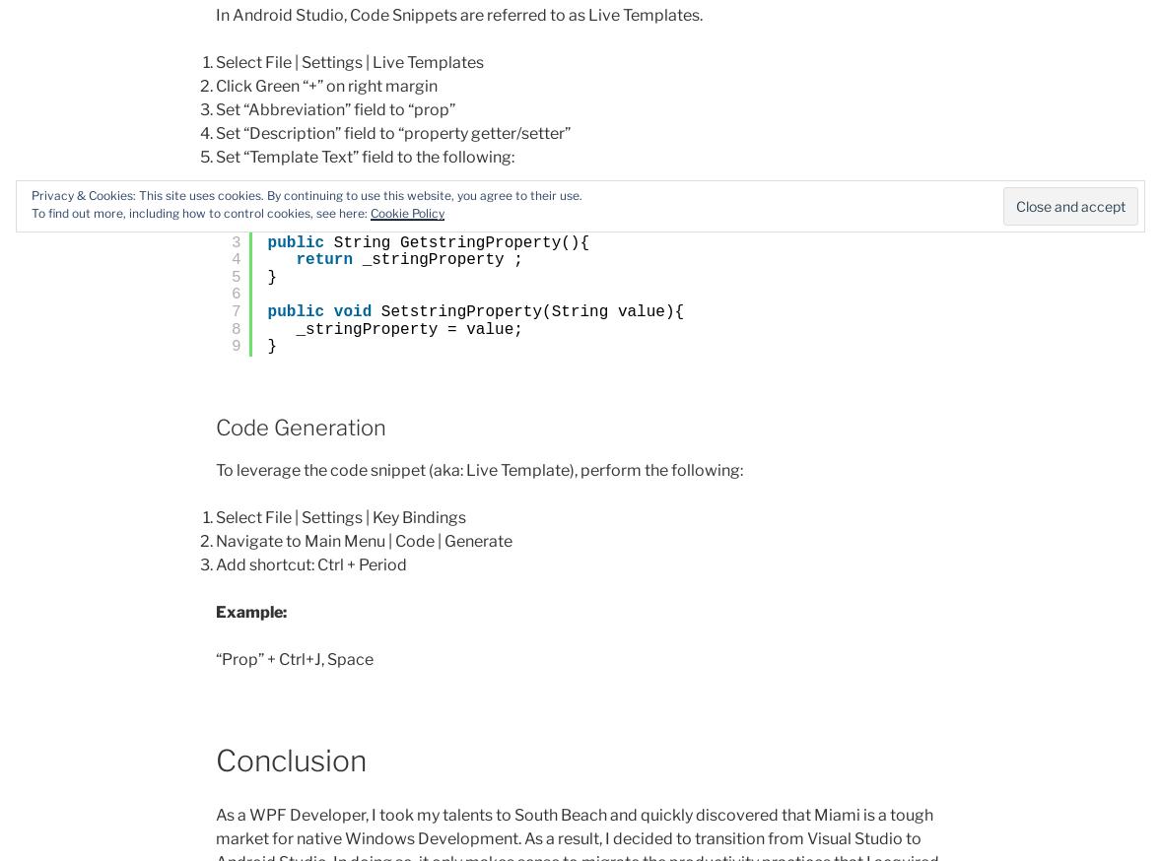 This screenshot has height=861, width=1161. Describe the element at coordinates (31, 194) in the screenshot. I see `'Privacy & Cookies: This site uses cookies. By continuing to use this website, you agree to their use.'` at that location.